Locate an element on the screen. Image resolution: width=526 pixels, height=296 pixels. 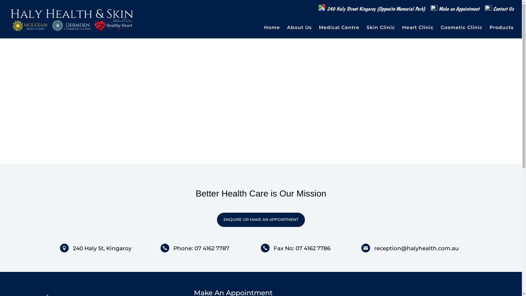
'Skin Clinic' is located at coordinates (381, 32).